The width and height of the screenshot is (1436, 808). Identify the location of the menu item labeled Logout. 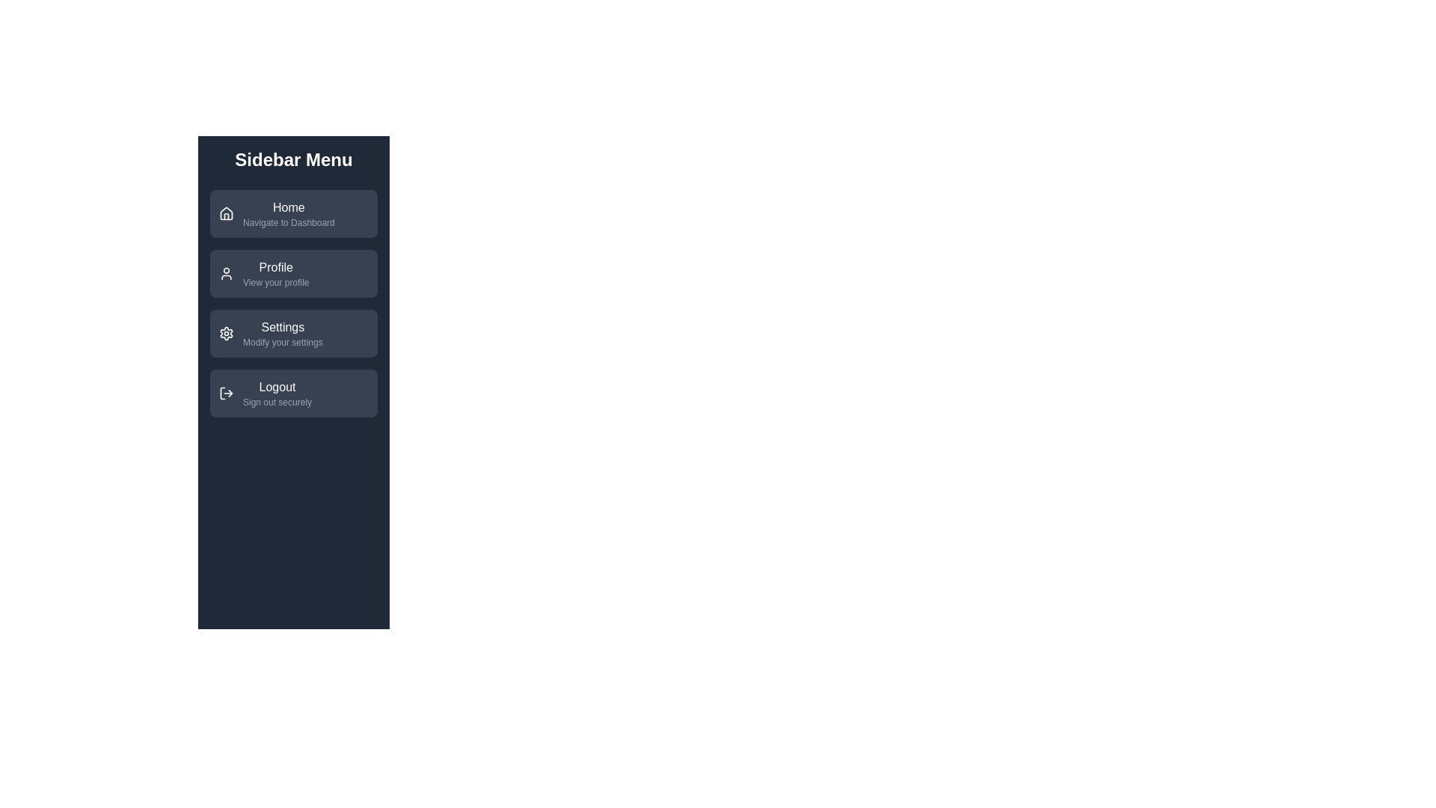
(294, 392).